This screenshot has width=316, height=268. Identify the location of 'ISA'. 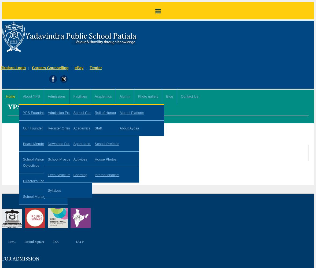
(56, 241).